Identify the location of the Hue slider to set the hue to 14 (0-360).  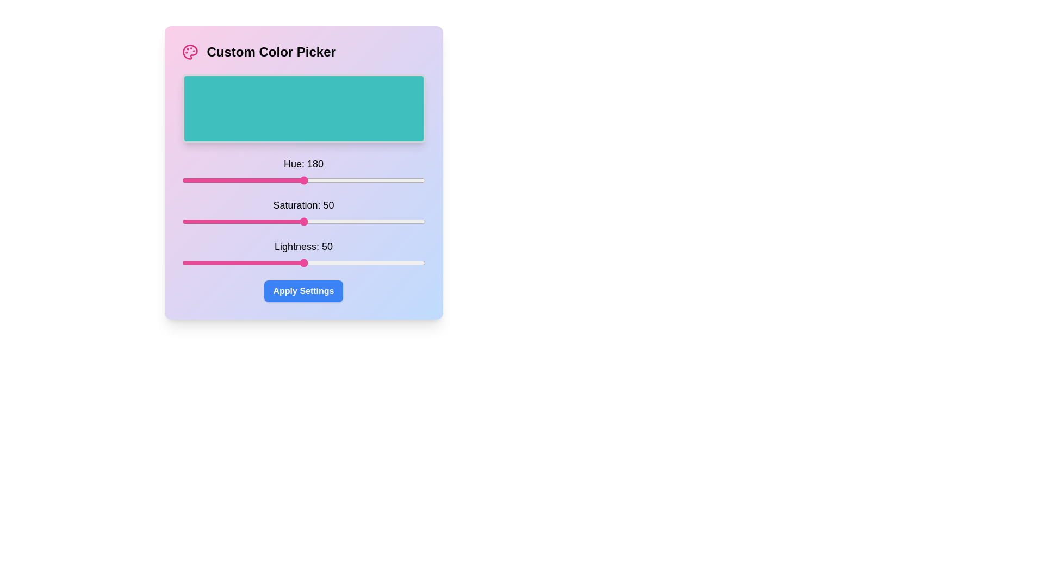
(191, 179).